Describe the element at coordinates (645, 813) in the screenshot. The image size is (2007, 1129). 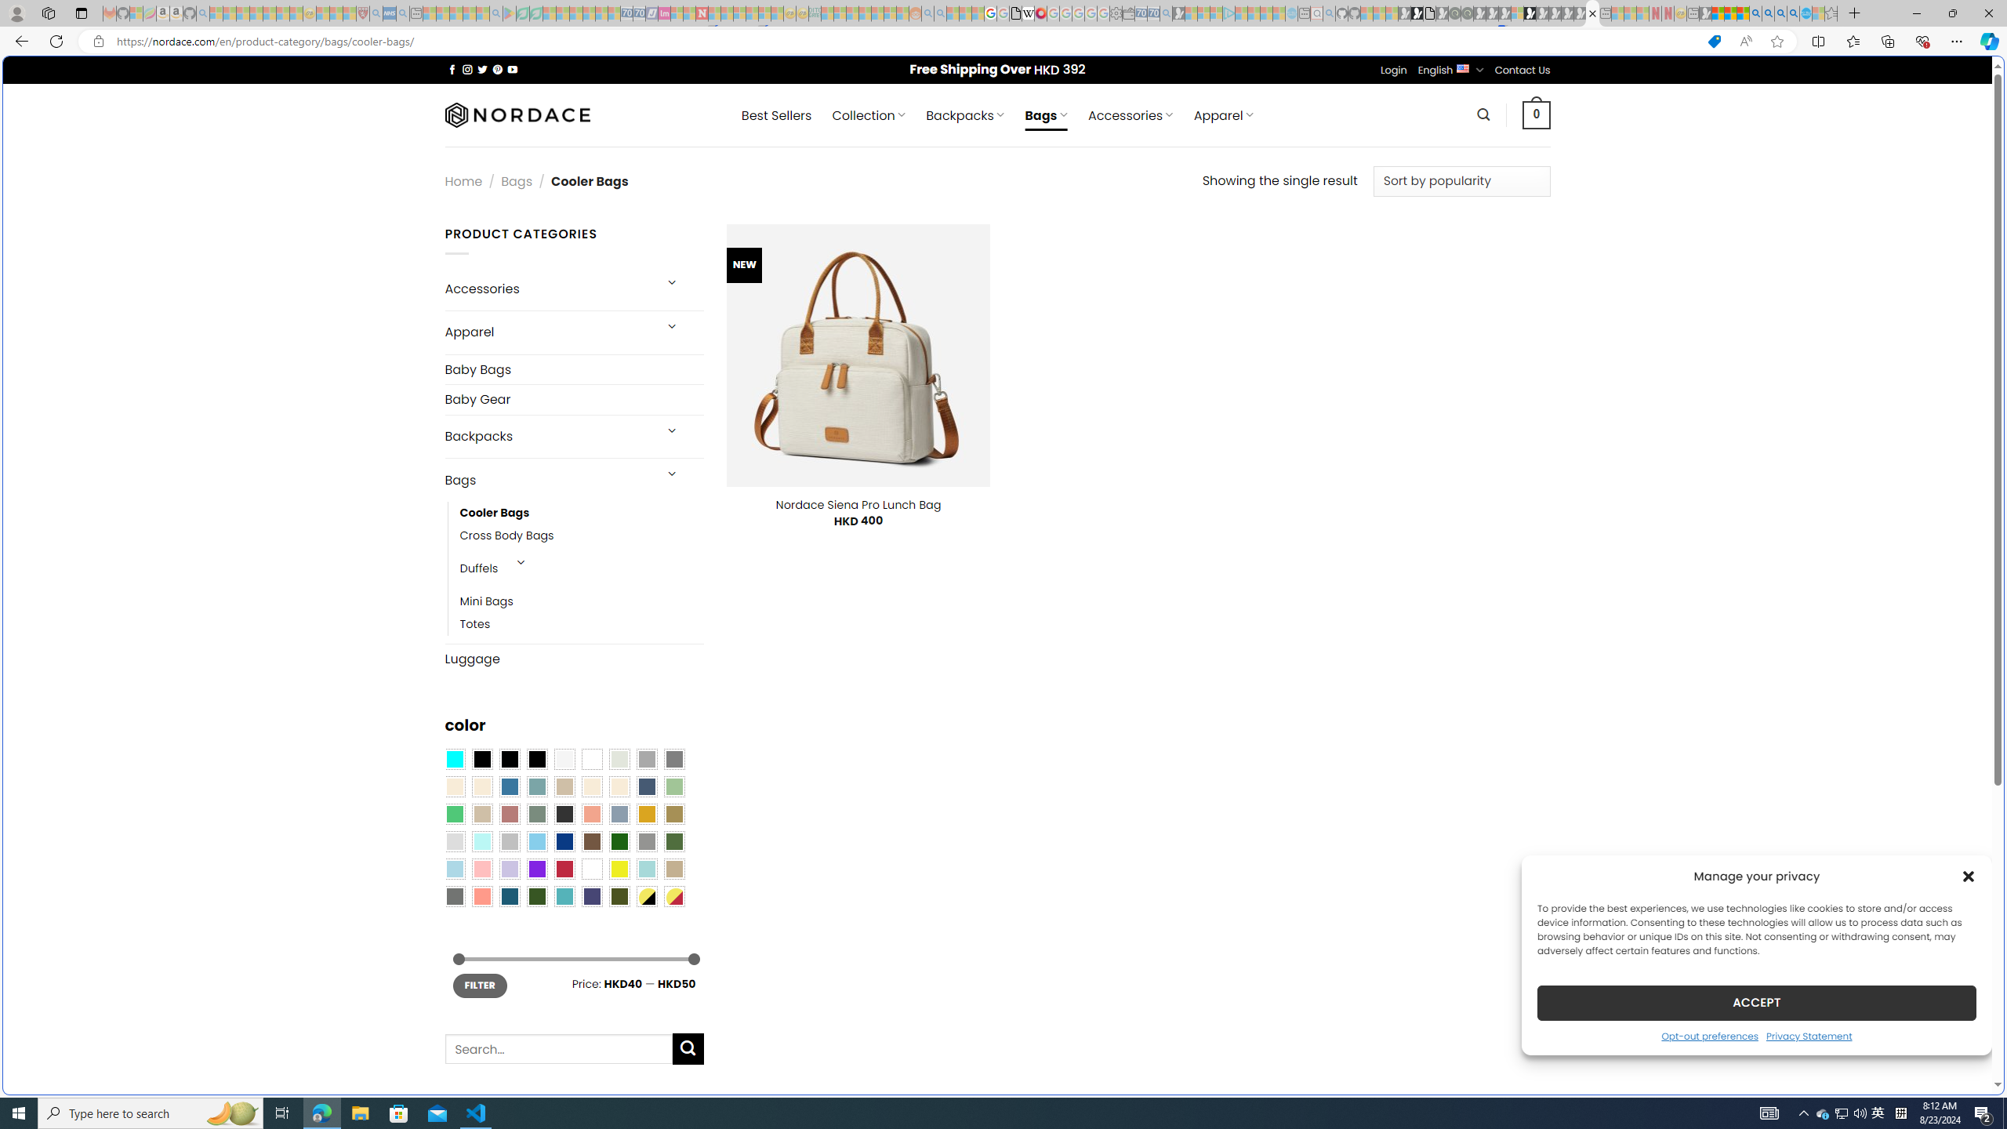
I see `'Gold'` at that location.